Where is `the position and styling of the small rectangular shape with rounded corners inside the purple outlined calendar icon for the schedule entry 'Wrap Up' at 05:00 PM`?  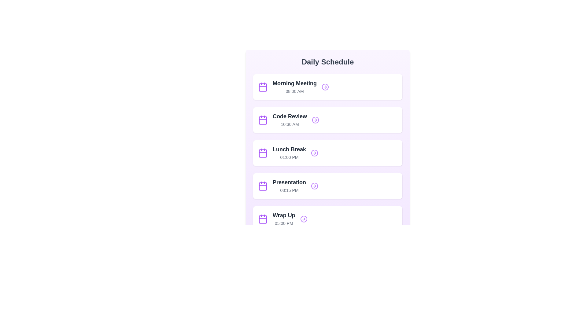
the position and styling of the small rectangular shape with rounded corners inside the purple outlined calendar icon for the schedule entry 'Wrap Up' at 05:00 PM is located at coordinates (263, 219).